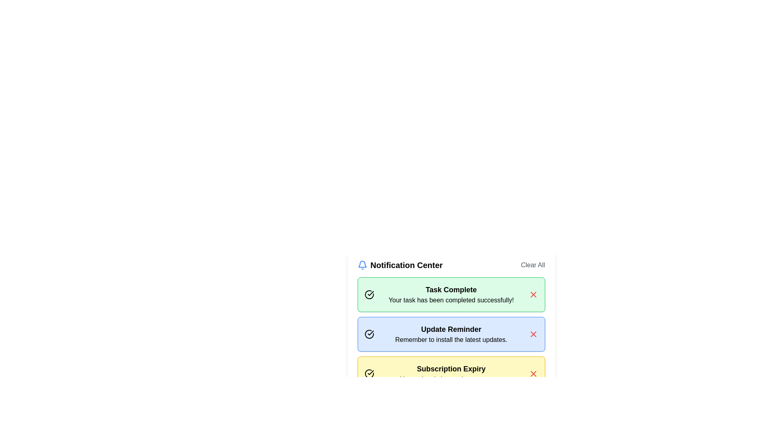  I want to click on the dismissal button located within the blue 'Update Reminder' notification box, positioned towards the right side, so click(533, 334).